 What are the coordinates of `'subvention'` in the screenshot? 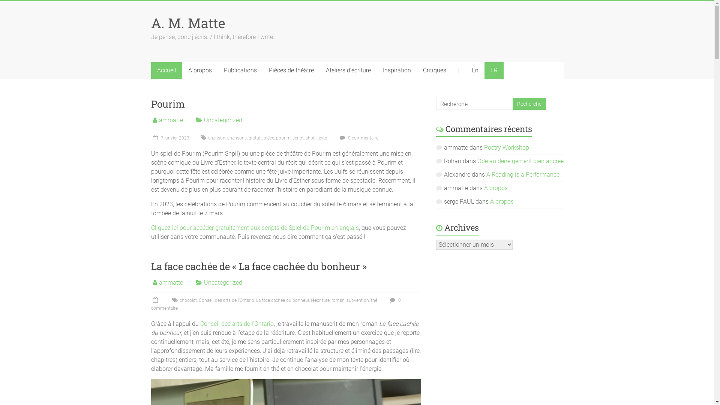 It's located at (346, 300).